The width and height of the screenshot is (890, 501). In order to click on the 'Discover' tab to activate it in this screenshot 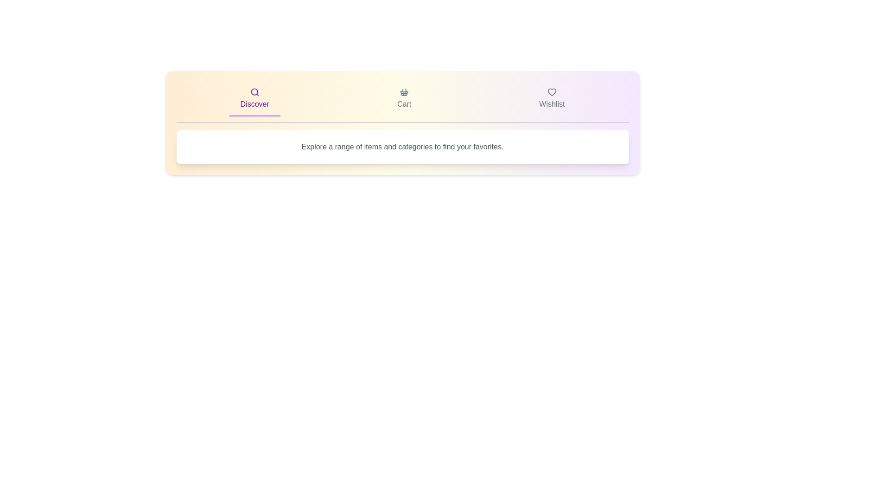, I will do `click(254, 99)`.